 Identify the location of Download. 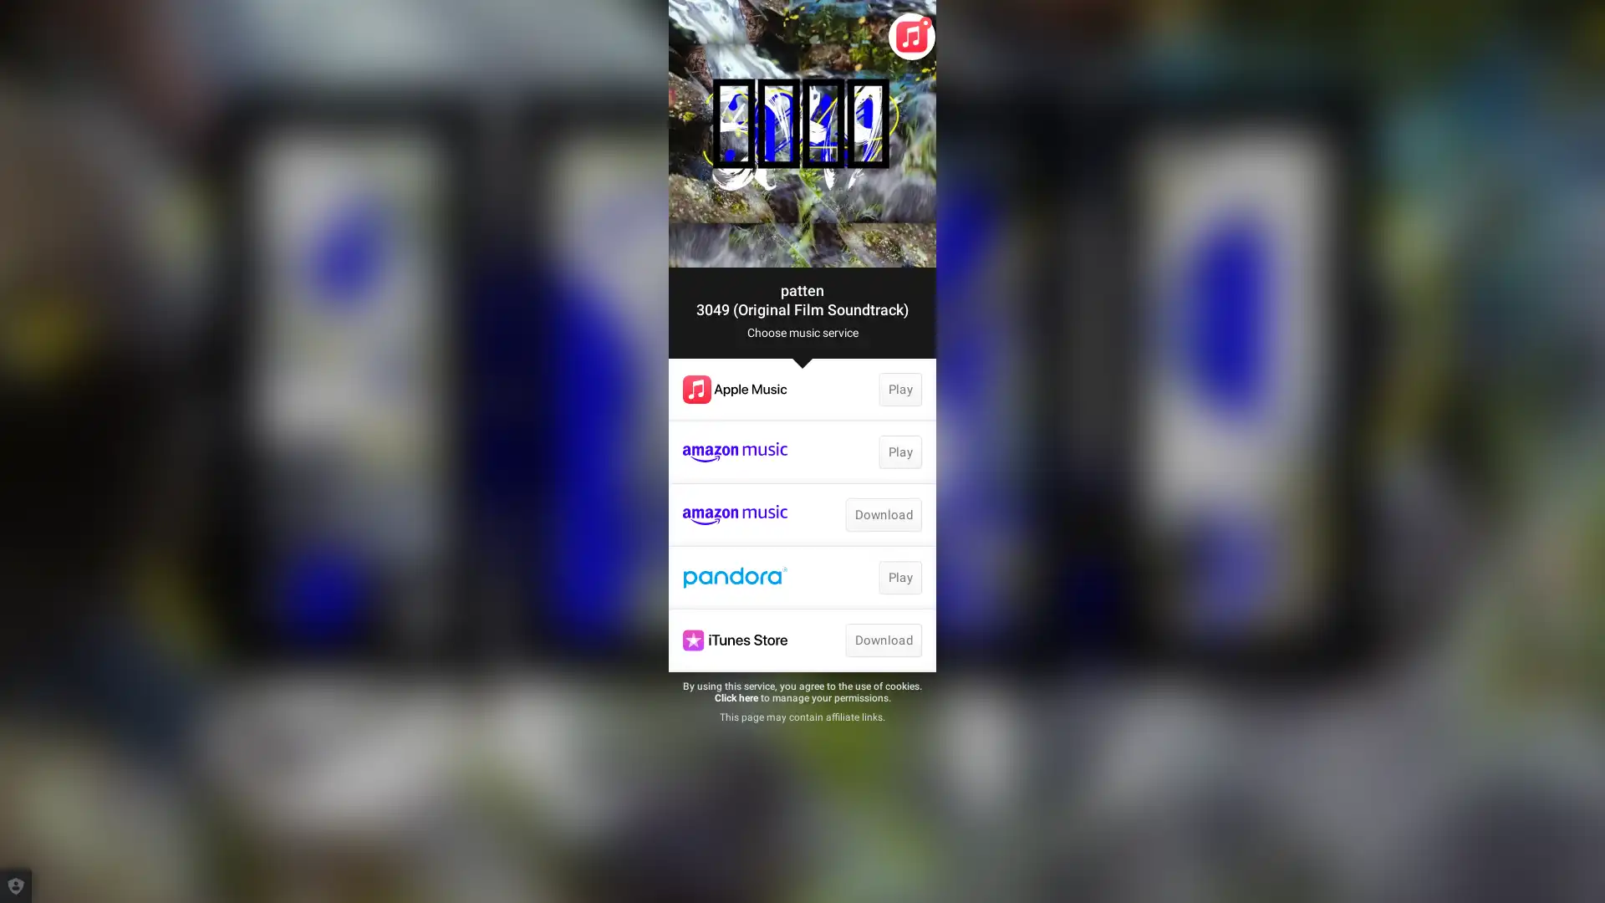
(882, 640).